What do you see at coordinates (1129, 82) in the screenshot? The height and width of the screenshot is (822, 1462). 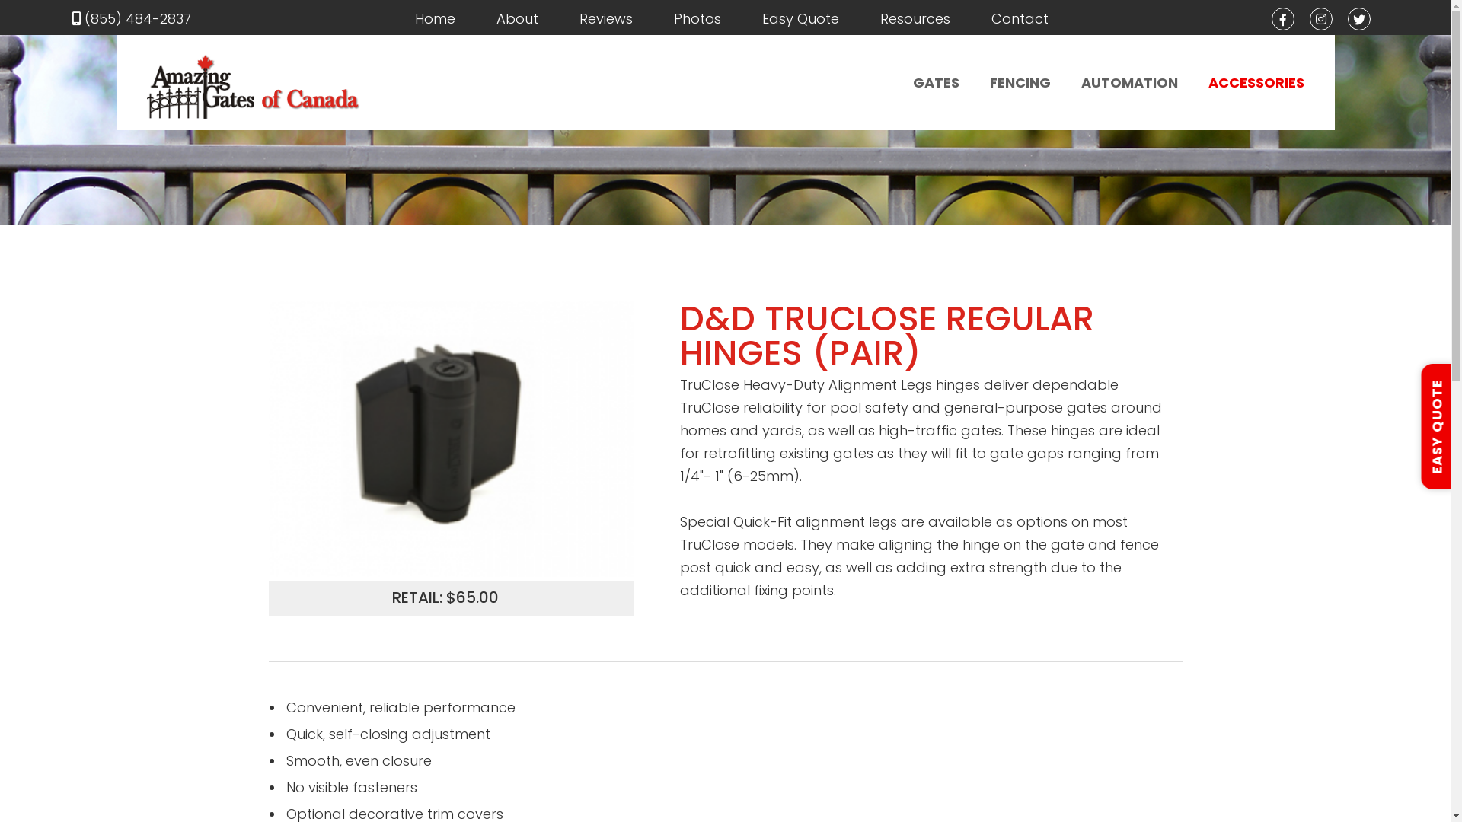 I see `'AUTOMATION'` at bounding box center [1129, 82].